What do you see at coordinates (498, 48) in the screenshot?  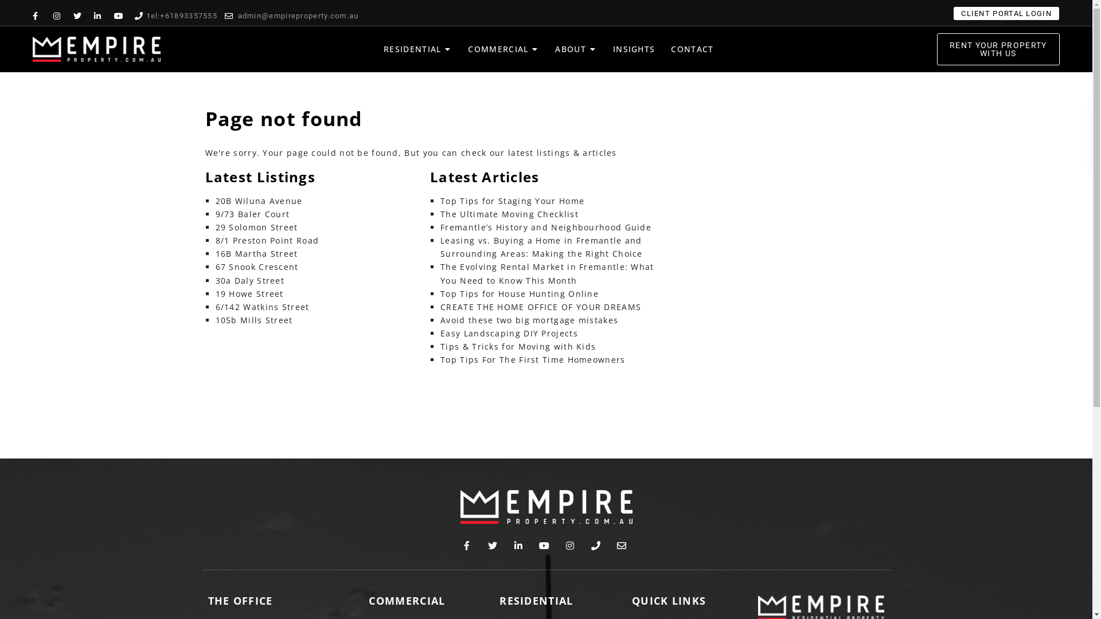 I see `'COMMERCIAL'` at bounding box center [498, 48].